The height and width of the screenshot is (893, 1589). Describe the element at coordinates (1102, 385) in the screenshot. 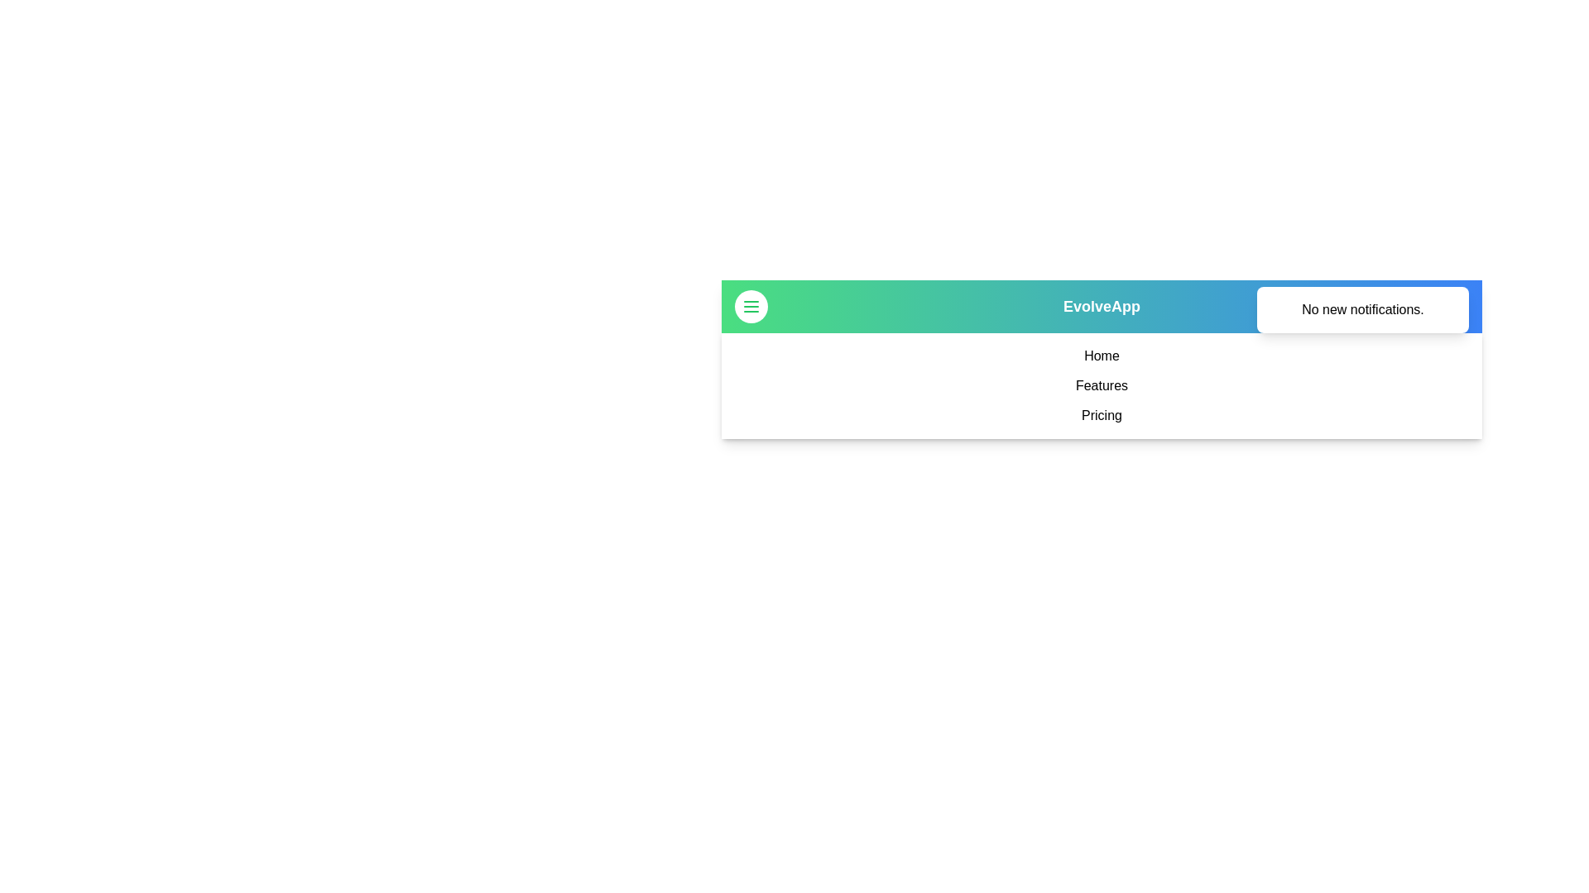

I see `the navigation menu item Features` at that location.